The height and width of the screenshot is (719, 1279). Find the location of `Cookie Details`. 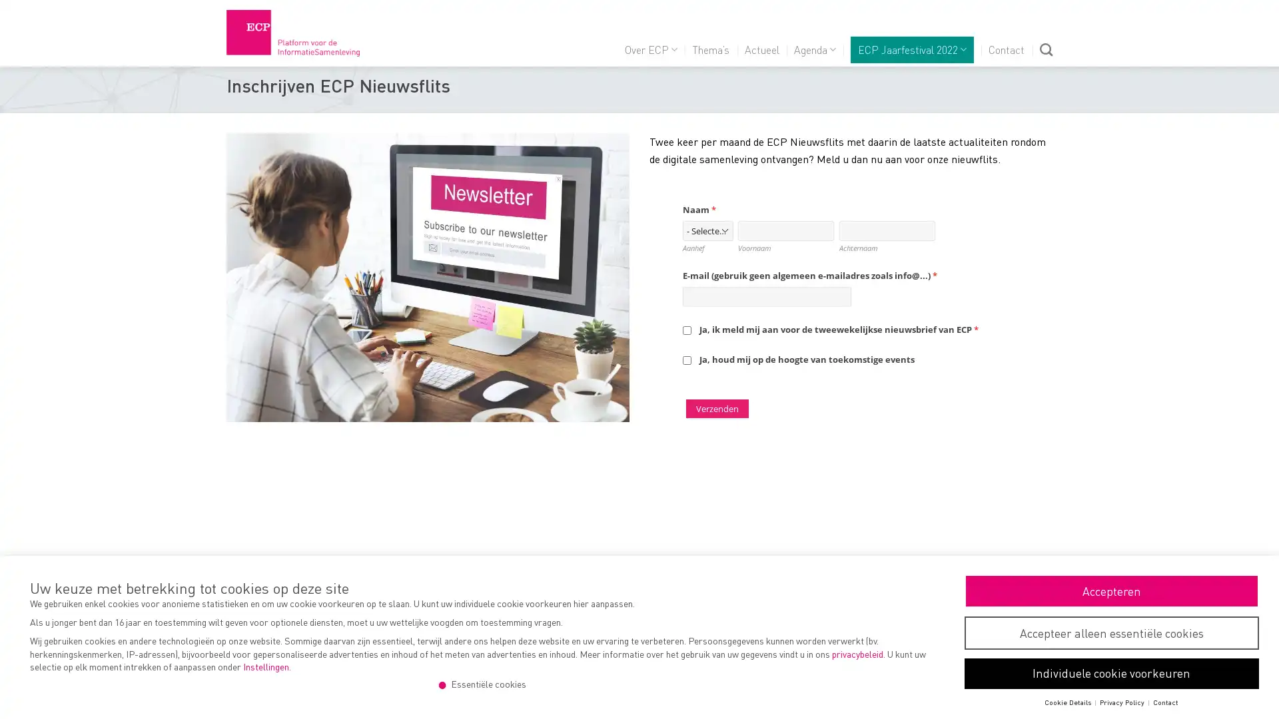

Cookie Details is located at coordinates (1068, 701).